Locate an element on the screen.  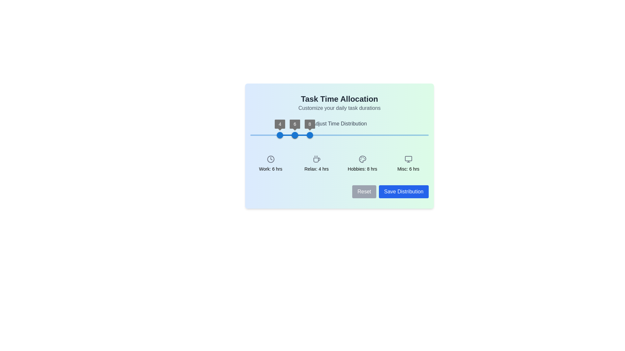
the Text Label that serves as a title or heading for the section, located above the text 'Customize your daily task durations' is located at coordinates (339, 99).